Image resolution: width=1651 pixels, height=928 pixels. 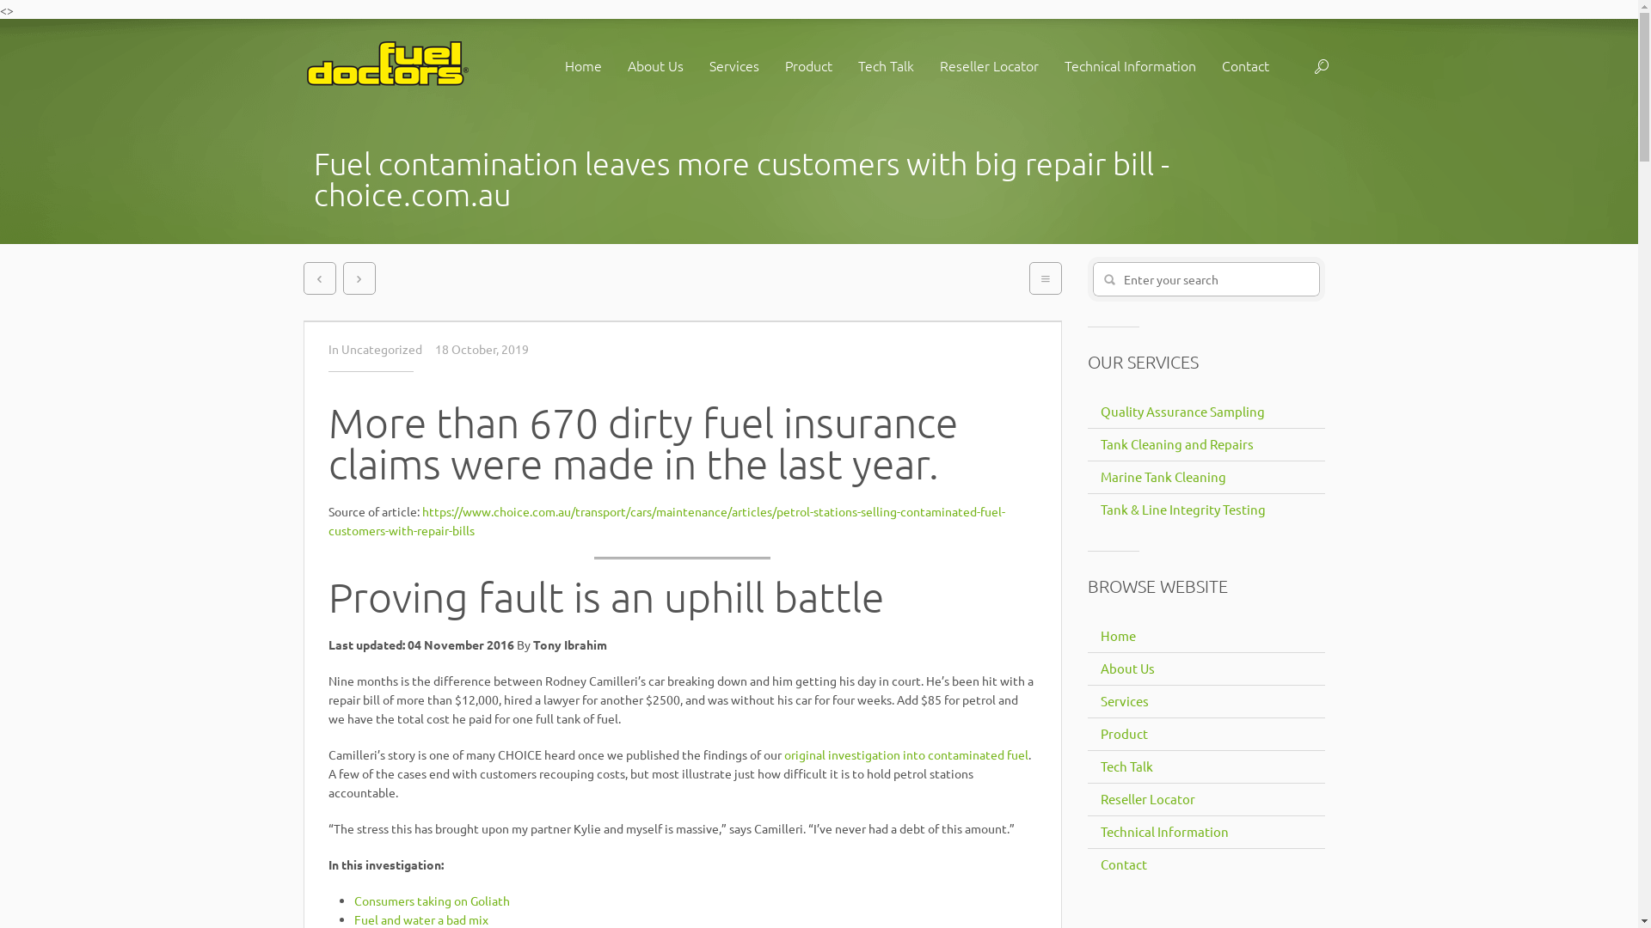 I want to click on 'Fuel and water a bad mix', so click(x=353, y=918).